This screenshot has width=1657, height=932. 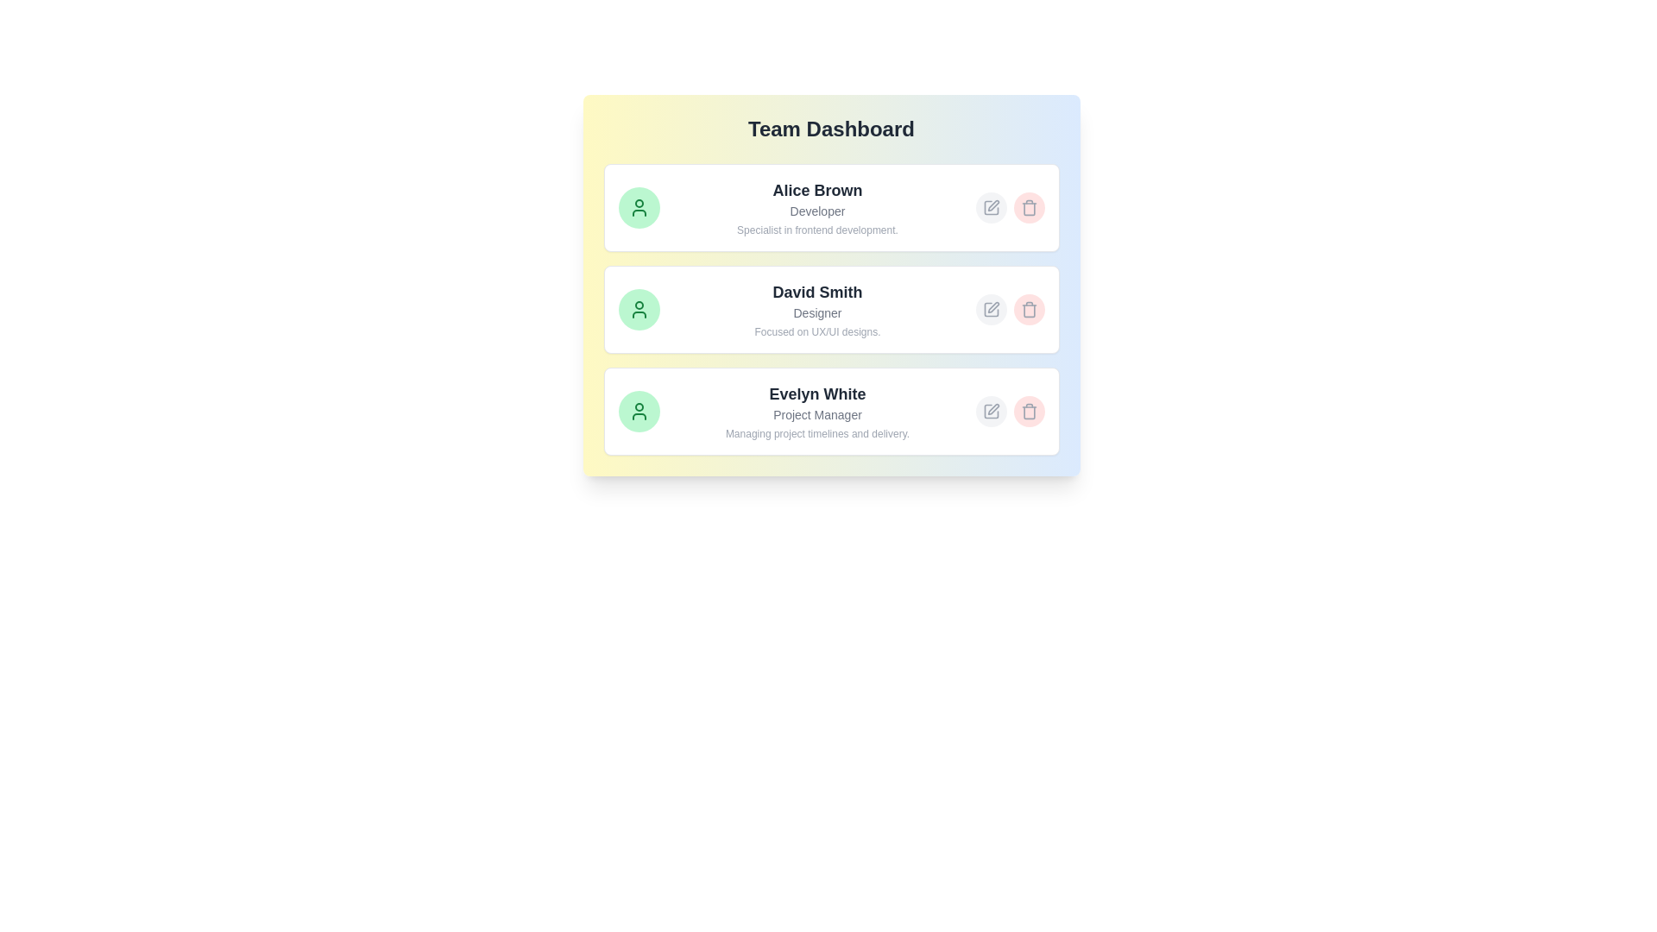 I want to click on the Icon button located at the right end of the 'David Smith' card, so click(x=991, y=308).